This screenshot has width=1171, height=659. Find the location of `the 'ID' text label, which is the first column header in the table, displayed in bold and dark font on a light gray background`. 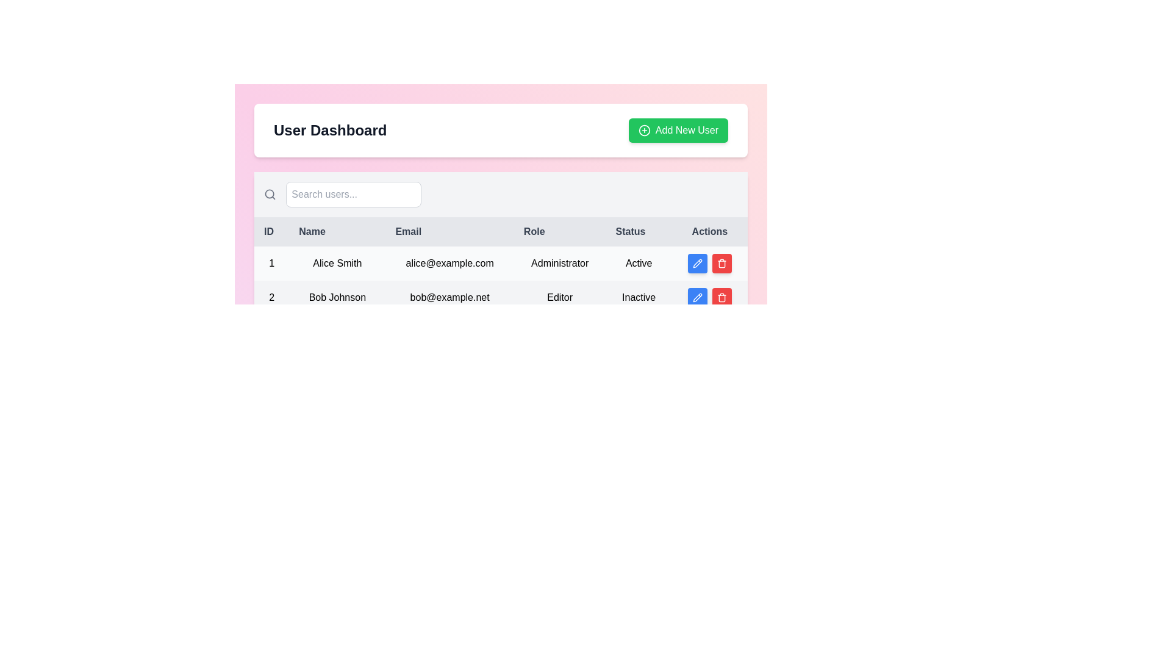

the 'ID' text label, which is the first column header in the table, displayed in bold and dark font on a light gray background is located at coordinates (271, 232).